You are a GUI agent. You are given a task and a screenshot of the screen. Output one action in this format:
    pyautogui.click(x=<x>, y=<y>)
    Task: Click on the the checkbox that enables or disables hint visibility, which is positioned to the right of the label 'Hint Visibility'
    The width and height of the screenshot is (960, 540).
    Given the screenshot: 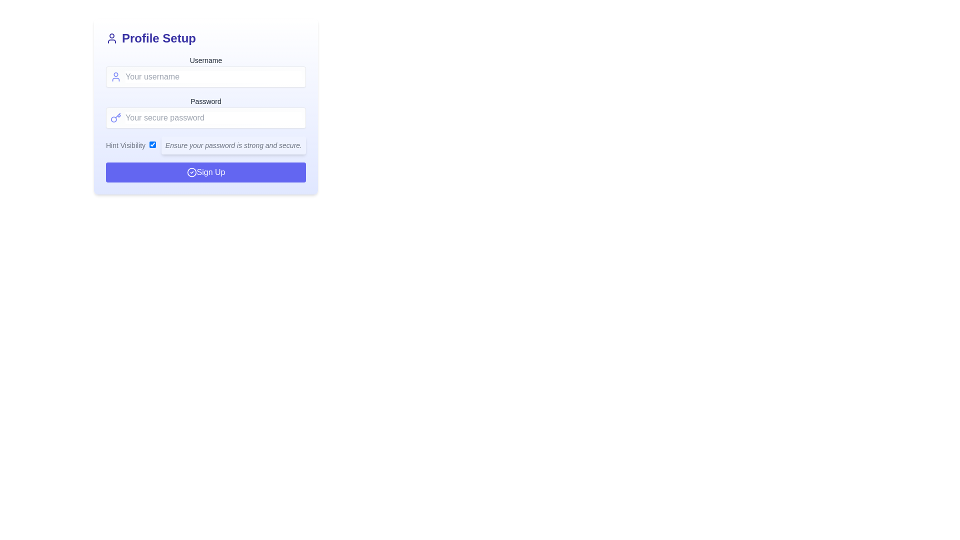 What is the action you would take?
    pyautogui.click(x=152, y=144)
    